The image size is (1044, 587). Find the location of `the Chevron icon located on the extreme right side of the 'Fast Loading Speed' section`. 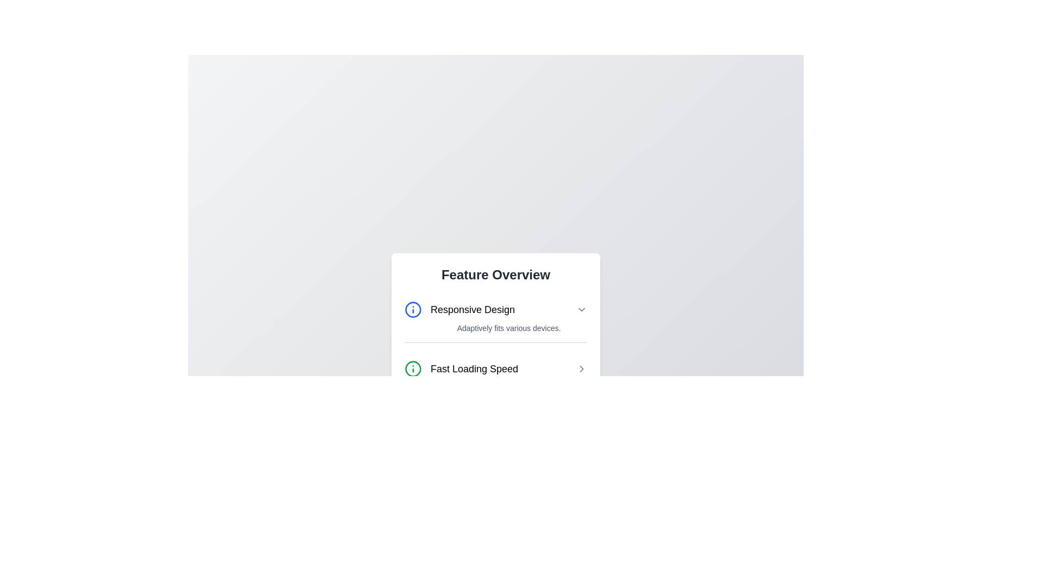

the Chevron icon located on the extreme right side of the 'Fast Loading Speed' section is located at coordinates (581, 368).